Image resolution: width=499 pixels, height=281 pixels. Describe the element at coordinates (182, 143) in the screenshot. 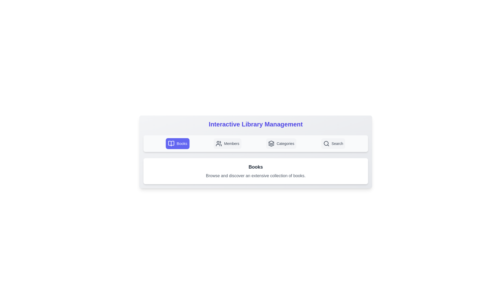

I see `the 'Books' text label located in the menu bar, which indicates the purpose of the associated menu button for books` at that location.